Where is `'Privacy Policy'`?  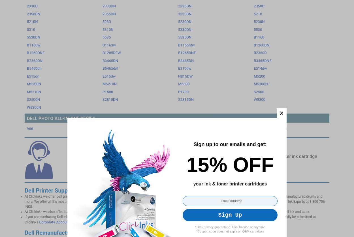
'Privacy Policy' is located at coordinates (108, 22).